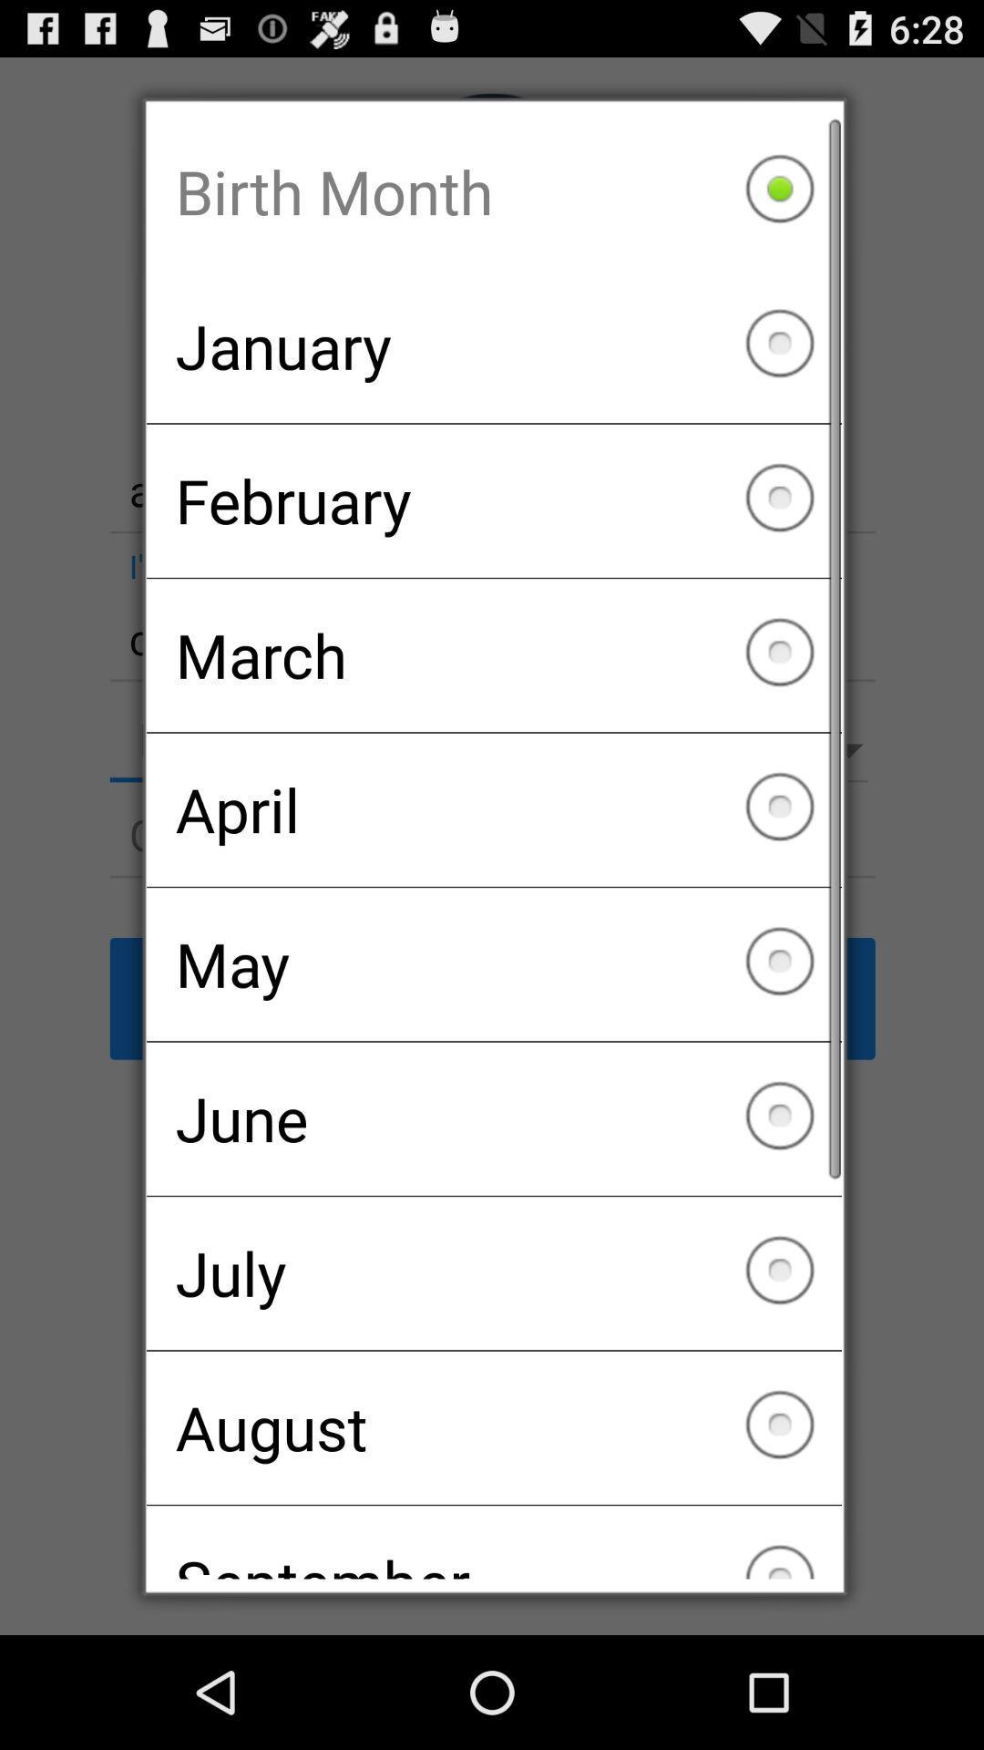  I want to click on may, so click(494, 963).